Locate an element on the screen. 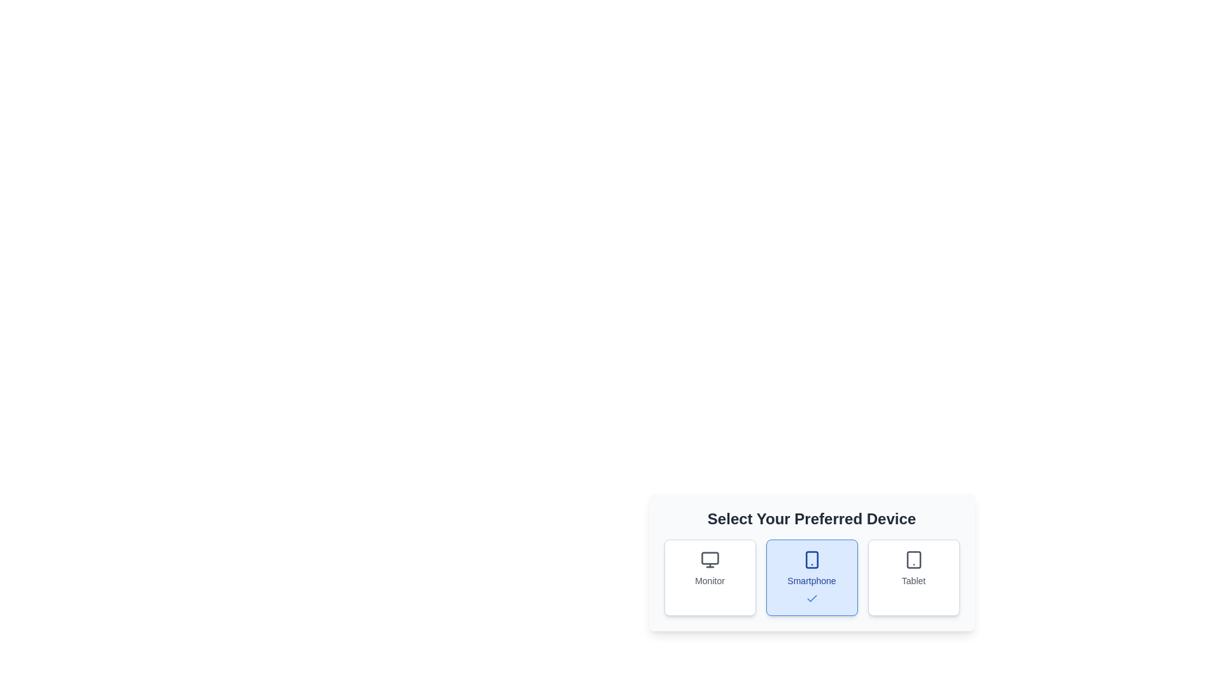 This screenshot has width=1223, height=688. the selectable option box representing 'Tablet' is located at coordinates (913, 577).